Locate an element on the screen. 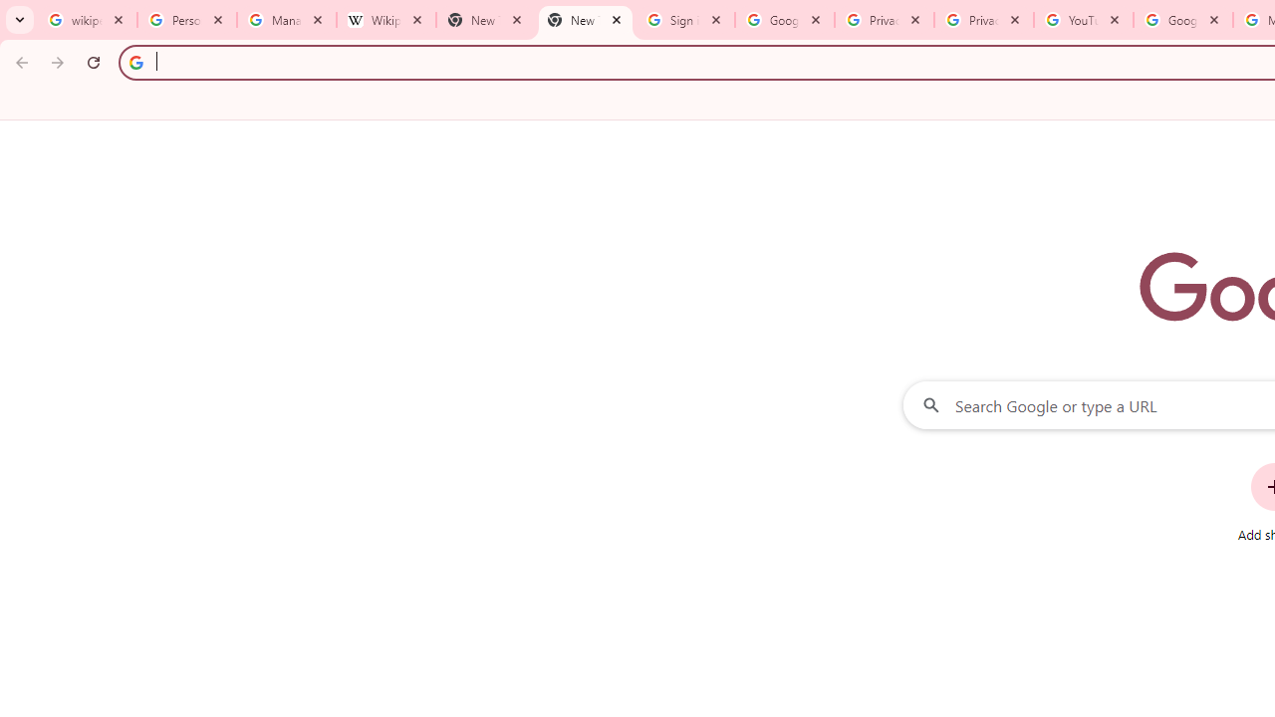 The image size is (1275, 717). 'Wikipedia:Edit requests - Wikipedia' is located at coordinates (385, 20).